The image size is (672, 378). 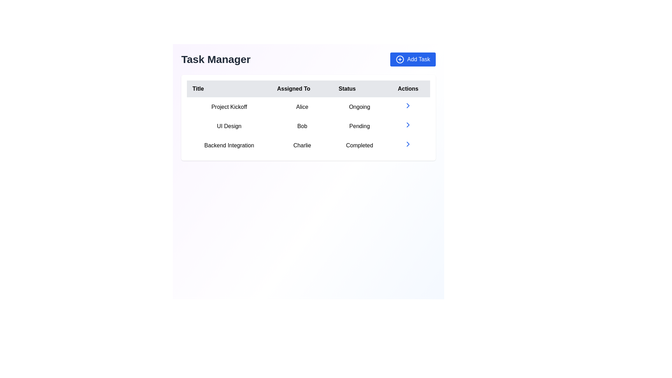 What do you see at coordinates (302, 107) in the screenshot?
I see `the text label displaying 'Alice' located in the second cell of the 'Assigned To' column under the project titled 'Project Kickoff'` at bounding box center [302, 107].